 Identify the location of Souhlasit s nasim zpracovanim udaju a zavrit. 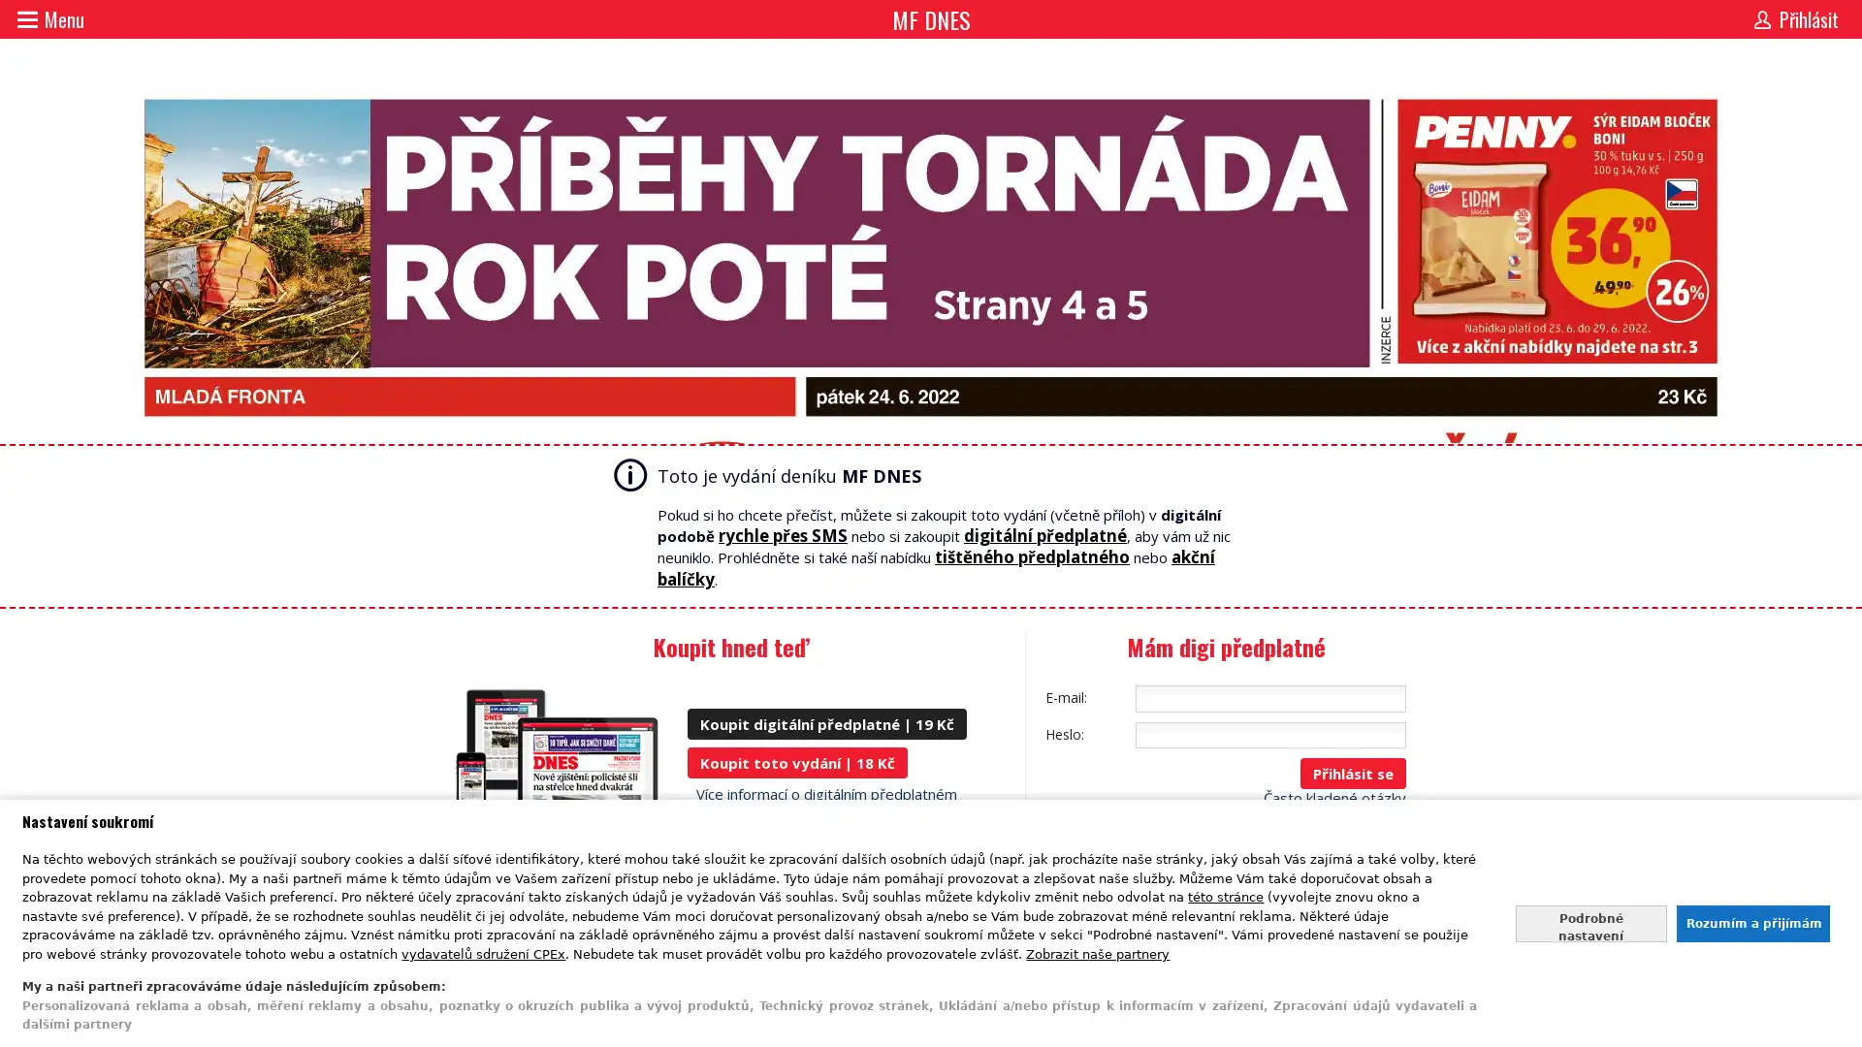
(1751, 922).